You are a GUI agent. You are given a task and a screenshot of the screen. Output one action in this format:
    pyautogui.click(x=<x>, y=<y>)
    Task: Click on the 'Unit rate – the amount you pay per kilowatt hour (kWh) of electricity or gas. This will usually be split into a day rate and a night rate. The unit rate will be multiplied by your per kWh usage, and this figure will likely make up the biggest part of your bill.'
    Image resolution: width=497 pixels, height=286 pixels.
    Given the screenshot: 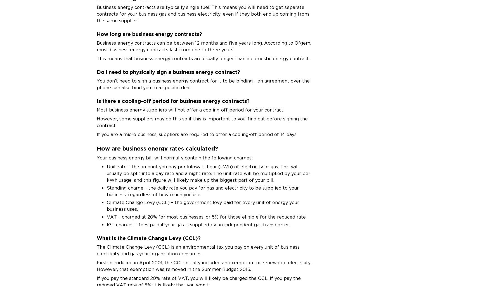 What is the action you would take?
    pyautogui.click(x=208, y=173)
    